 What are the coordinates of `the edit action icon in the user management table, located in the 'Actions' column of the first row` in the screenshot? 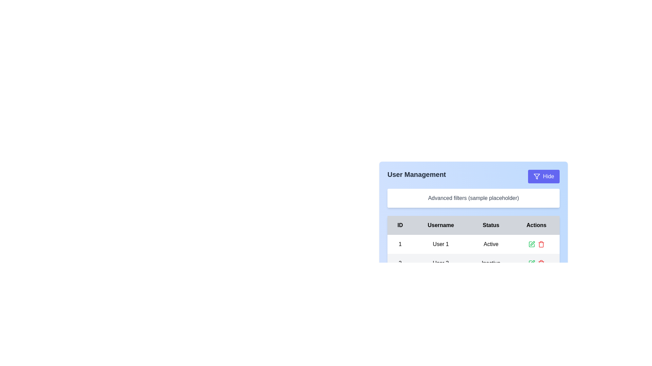 It's located at (531, 244).